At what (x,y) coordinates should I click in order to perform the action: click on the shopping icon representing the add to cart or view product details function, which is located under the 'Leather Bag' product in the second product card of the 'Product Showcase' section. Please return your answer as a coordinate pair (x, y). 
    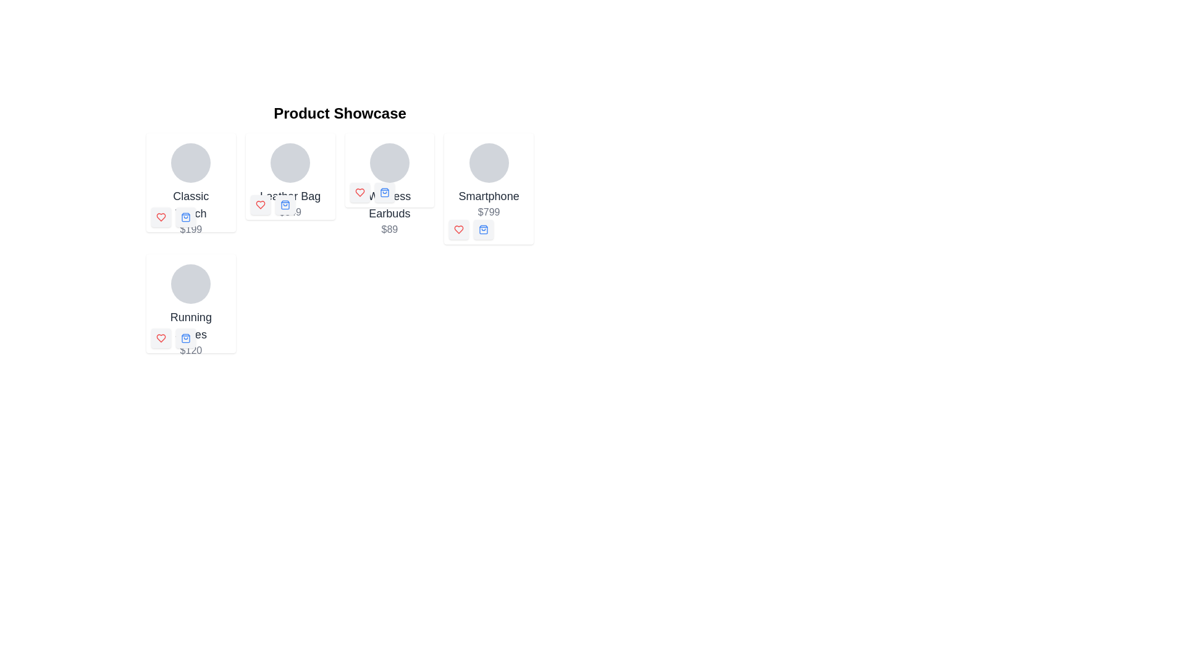
    Looking at the image, I should click on (284, 204).